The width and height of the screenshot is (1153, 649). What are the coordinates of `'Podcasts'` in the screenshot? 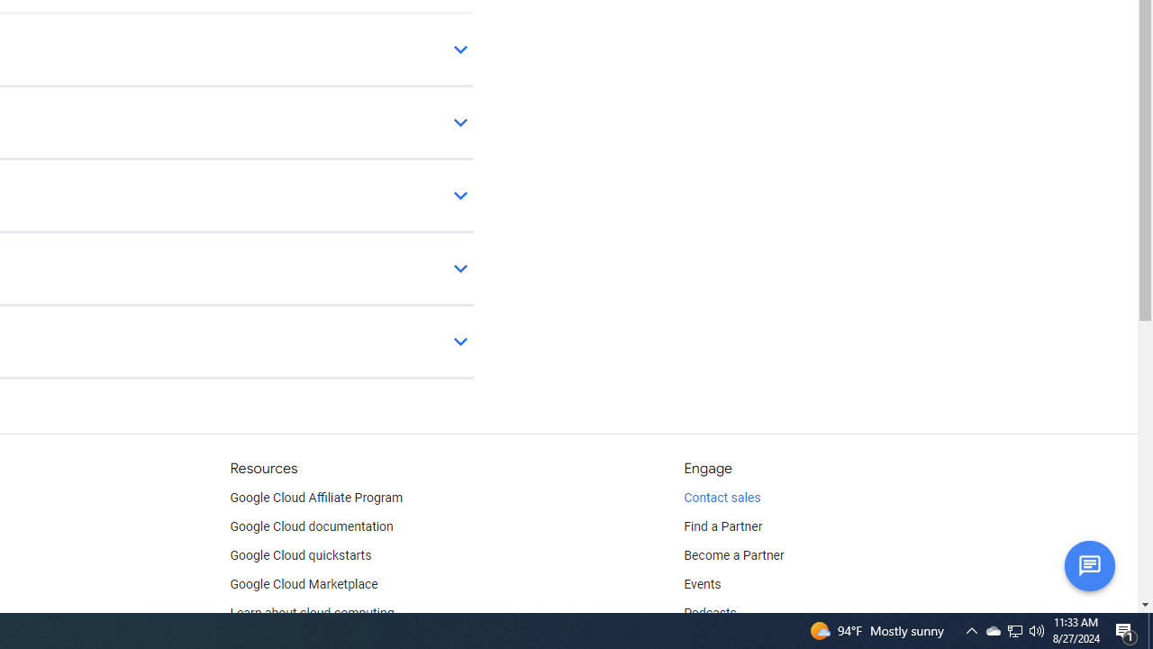 It's located at (709, 613).